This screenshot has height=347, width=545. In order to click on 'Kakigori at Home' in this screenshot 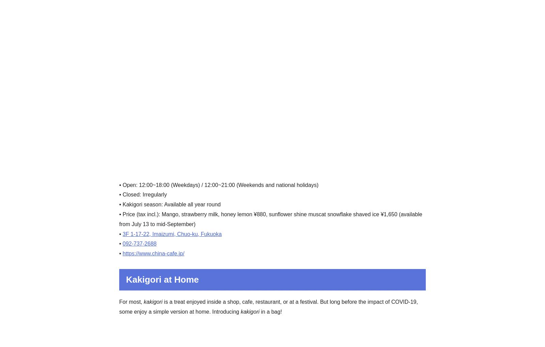, I will do `click(162, 279)`.